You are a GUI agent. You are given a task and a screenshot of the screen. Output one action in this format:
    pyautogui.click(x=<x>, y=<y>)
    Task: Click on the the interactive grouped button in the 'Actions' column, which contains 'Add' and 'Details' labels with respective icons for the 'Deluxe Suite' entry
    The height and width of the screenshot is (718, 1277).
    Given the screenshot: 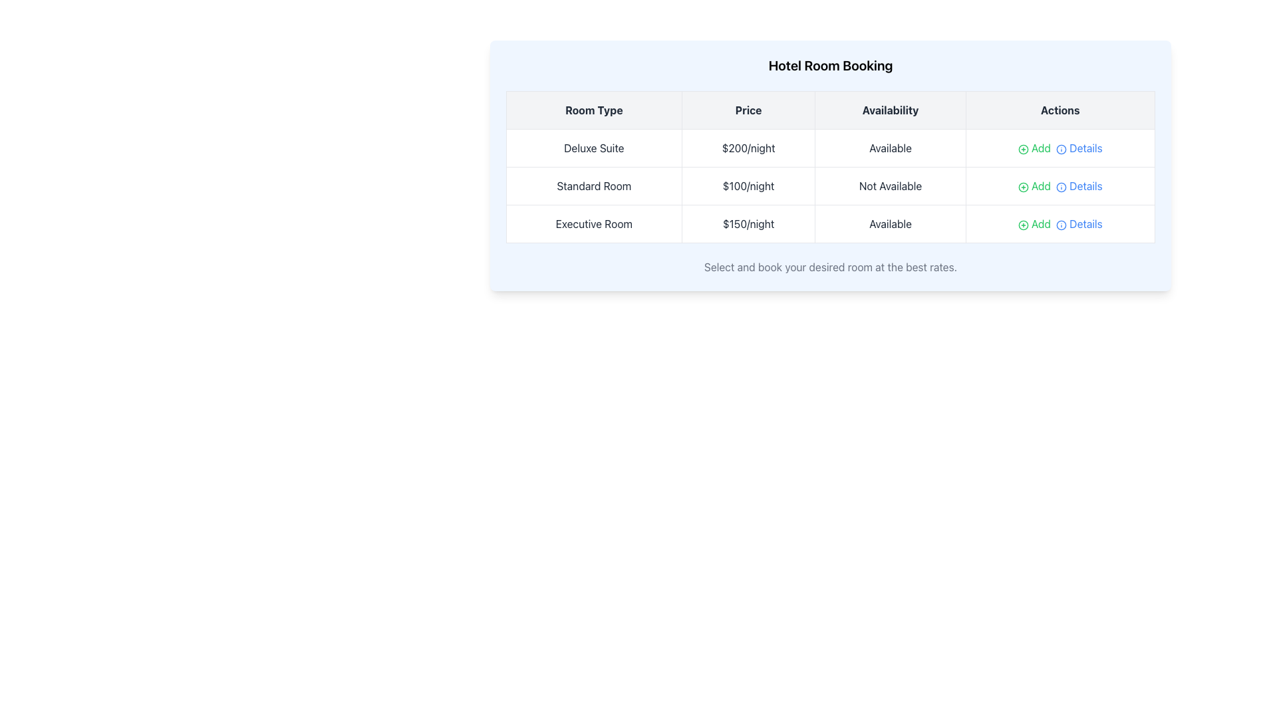 What is the action you would take?
    pyautogui.click(x=1060, y=148)
    